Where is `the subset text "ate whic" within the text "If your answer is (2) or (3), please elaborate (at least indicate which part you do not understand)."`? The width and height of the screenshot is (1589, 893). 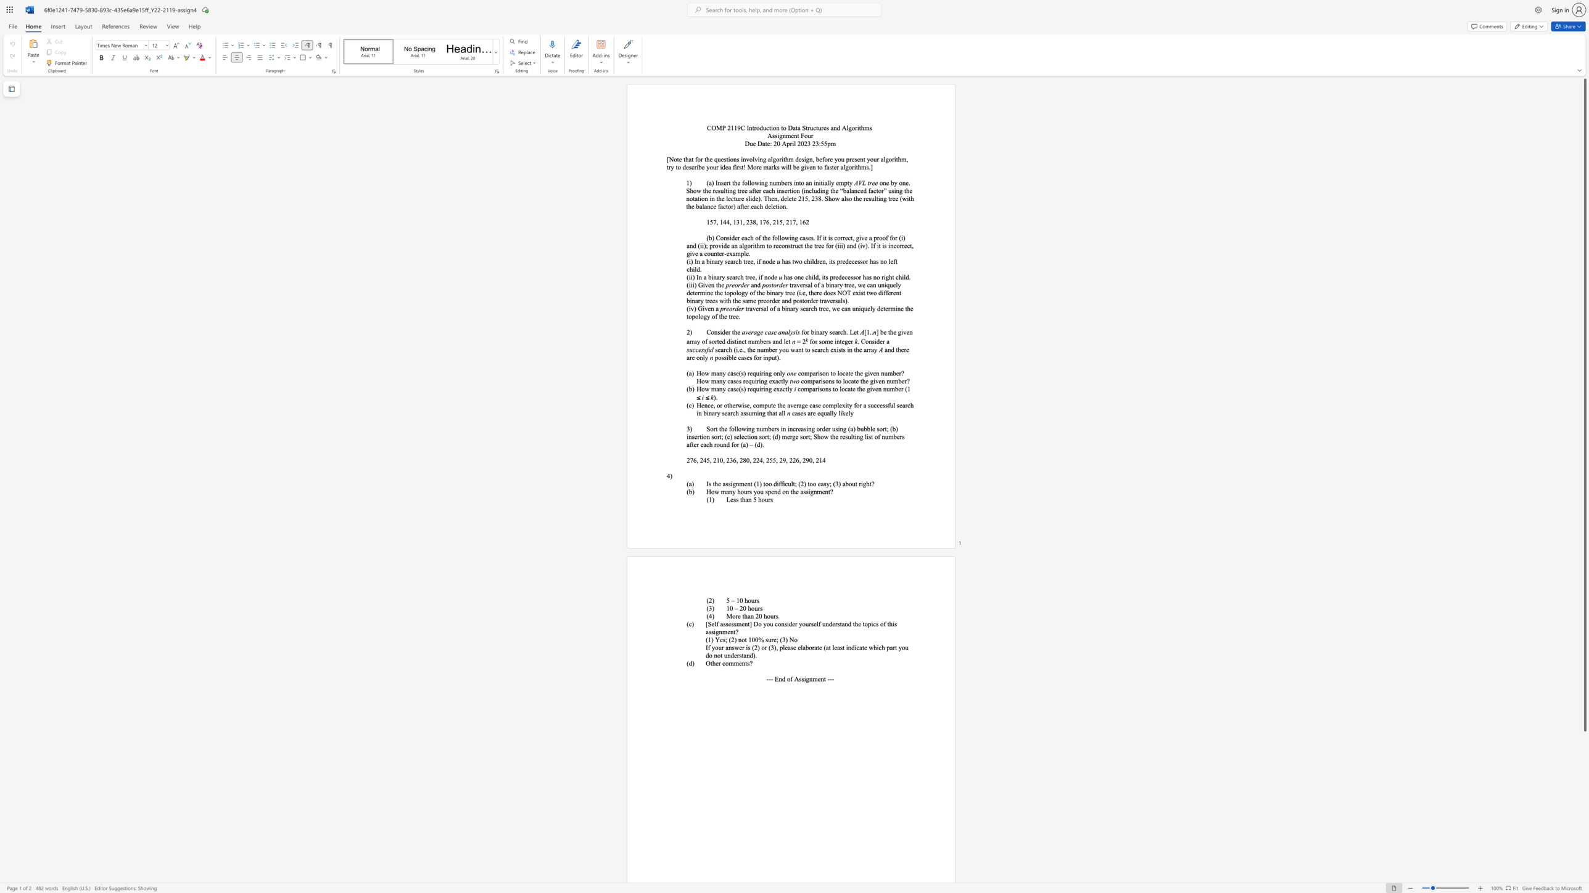 the subset text "ate whic" within the text "If your answer is (2) or (3), please elaborate (at least indicate which part you do not understand)." is located at coordinates (859, 647).